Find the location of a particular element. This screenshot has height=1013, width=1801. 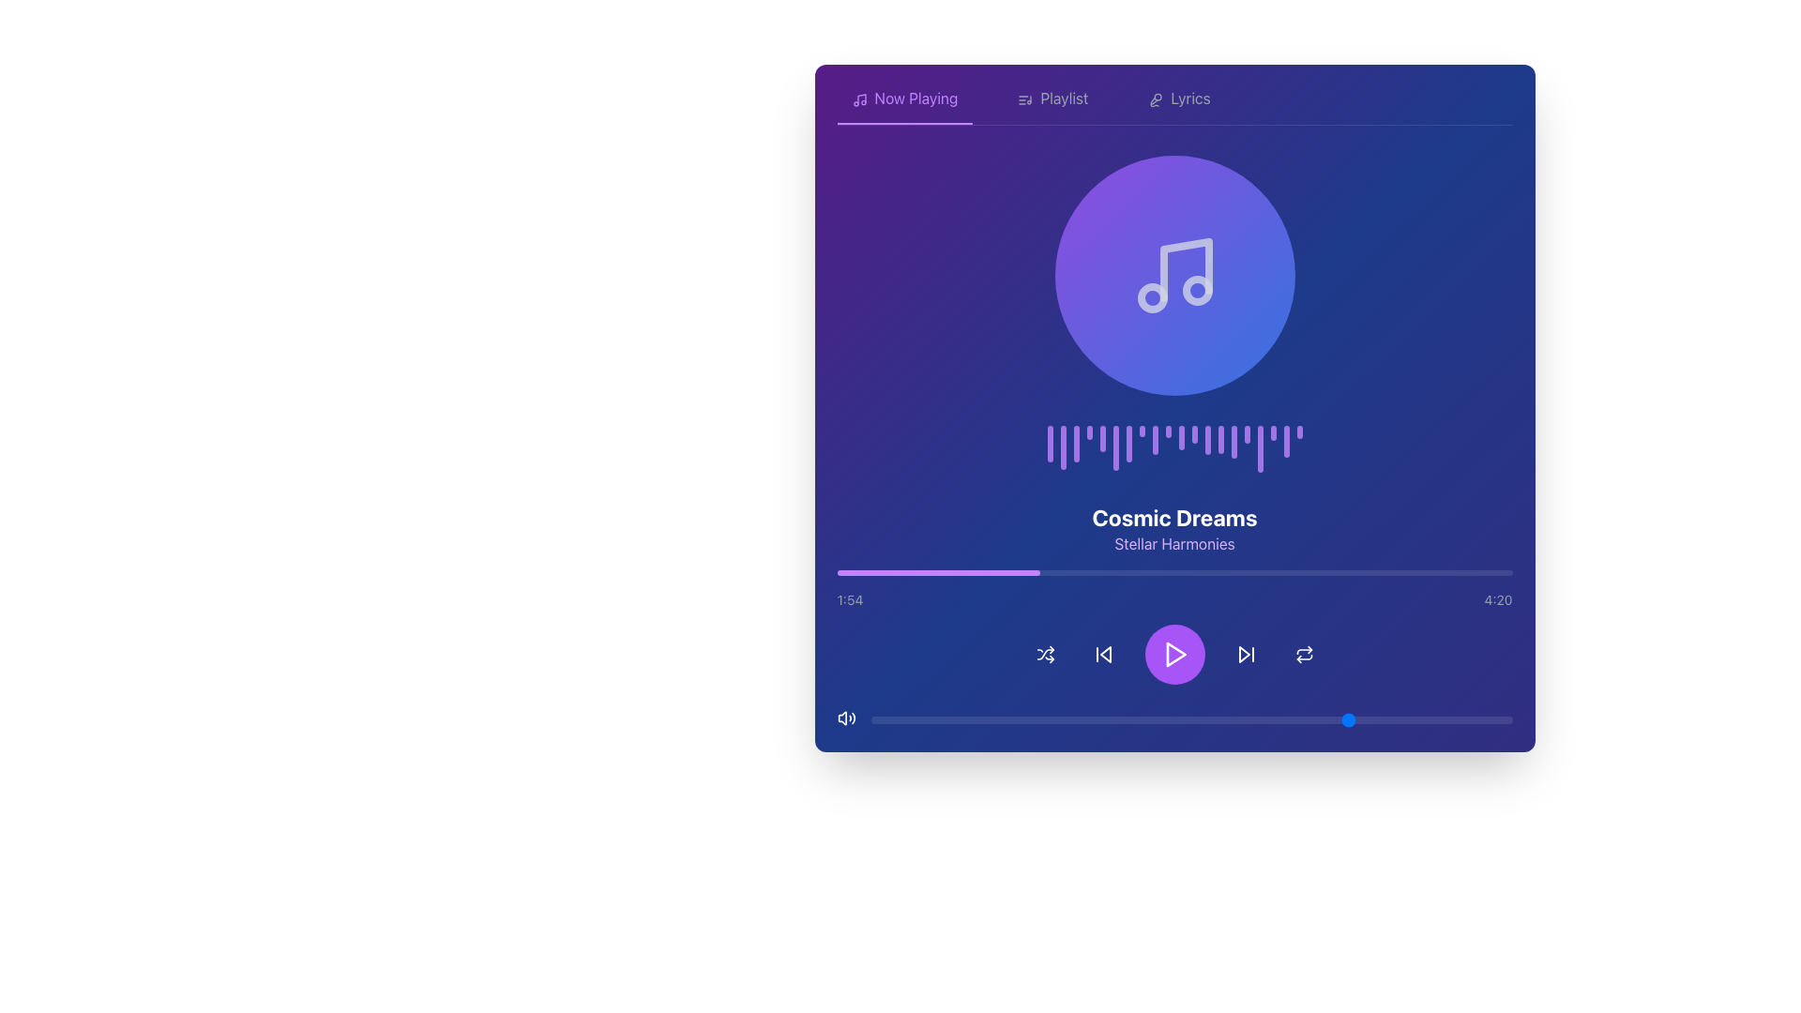

the second vertical bar of the music equalizer pattern located centrally below the circular icon and above the song title 'Cosmic Dreams' is located at coordinates (1063, 447).